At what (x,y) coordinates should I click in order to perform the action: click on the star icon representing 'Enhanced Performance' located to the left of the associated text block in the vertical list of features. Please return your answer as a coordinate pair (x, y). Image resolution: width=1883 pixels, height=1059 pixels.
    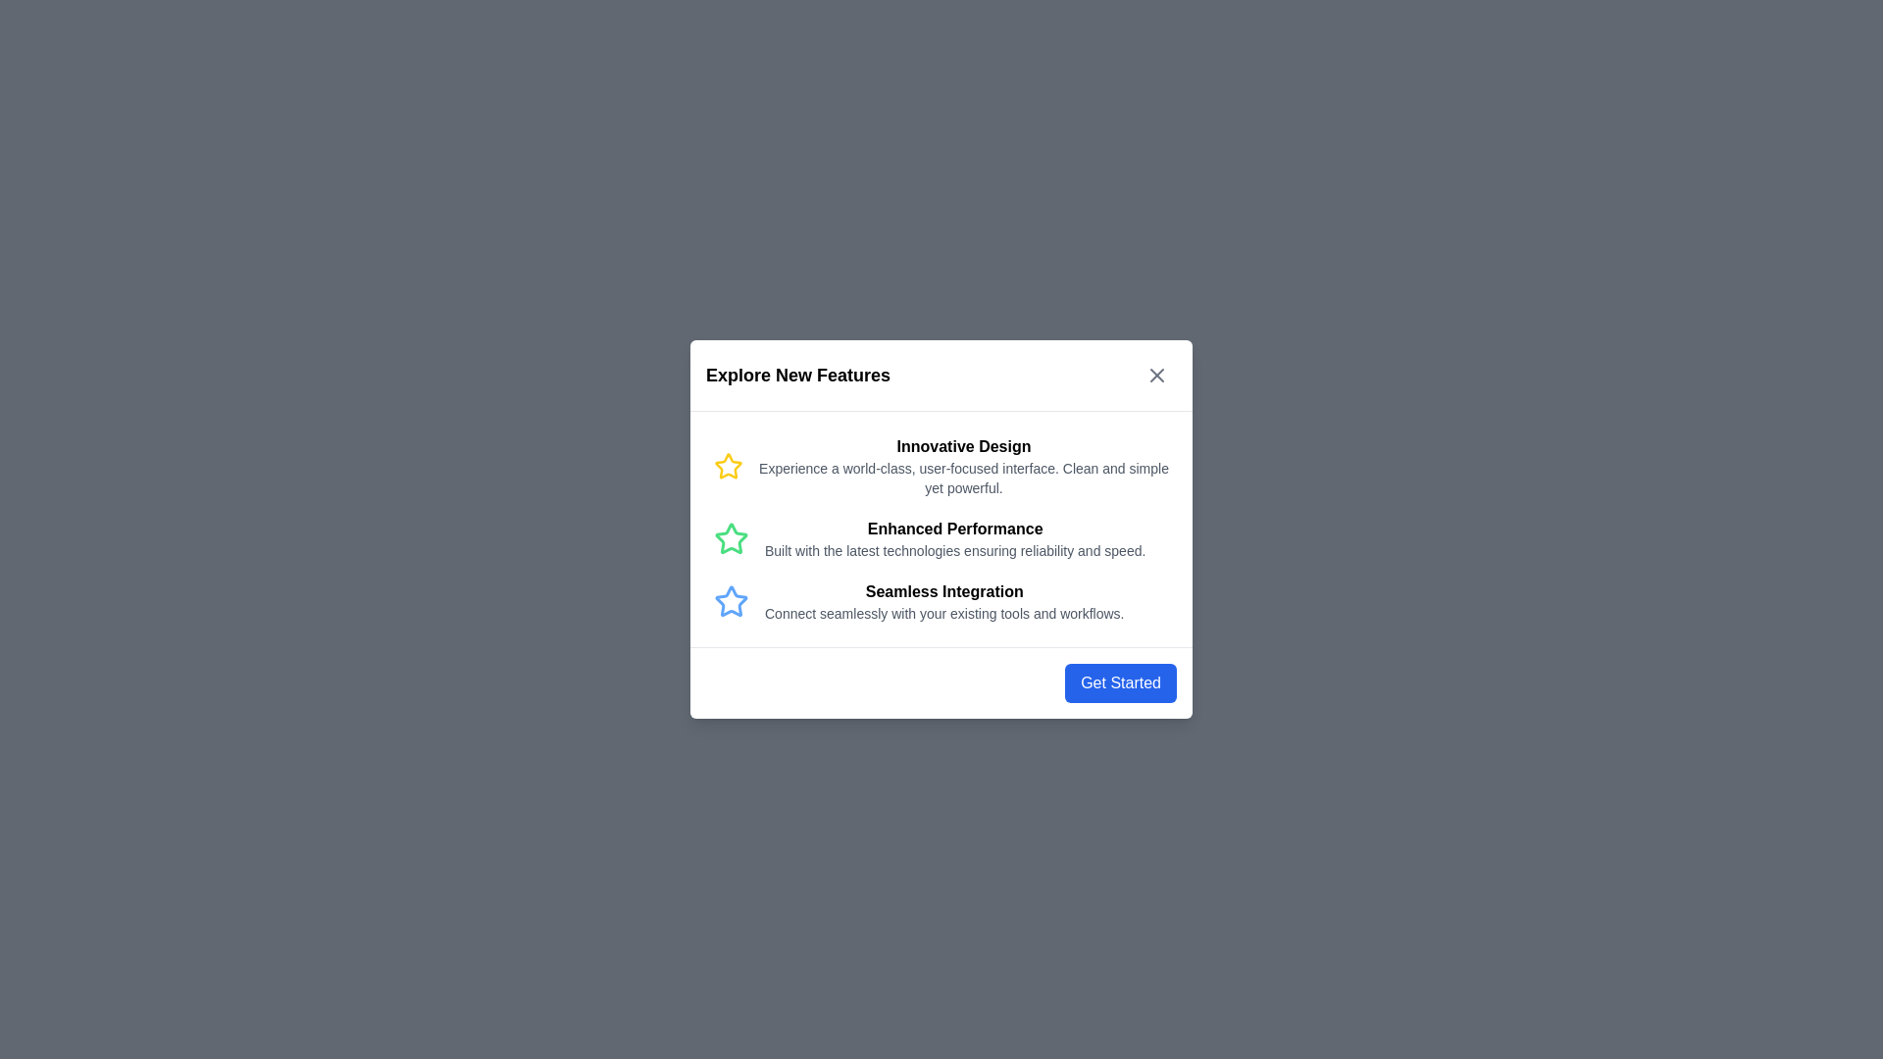
    Looking at the image, I should click on (730, 539).